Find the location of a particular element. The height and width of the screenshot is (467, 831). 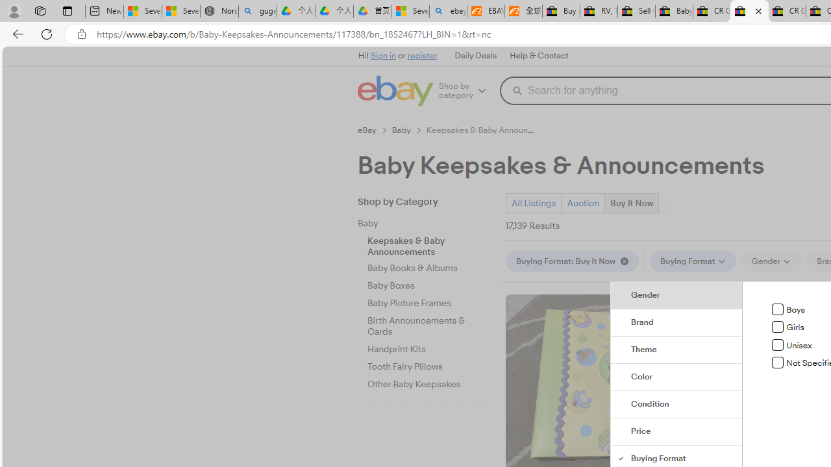

'Color' is located at coordinates (676, 377).